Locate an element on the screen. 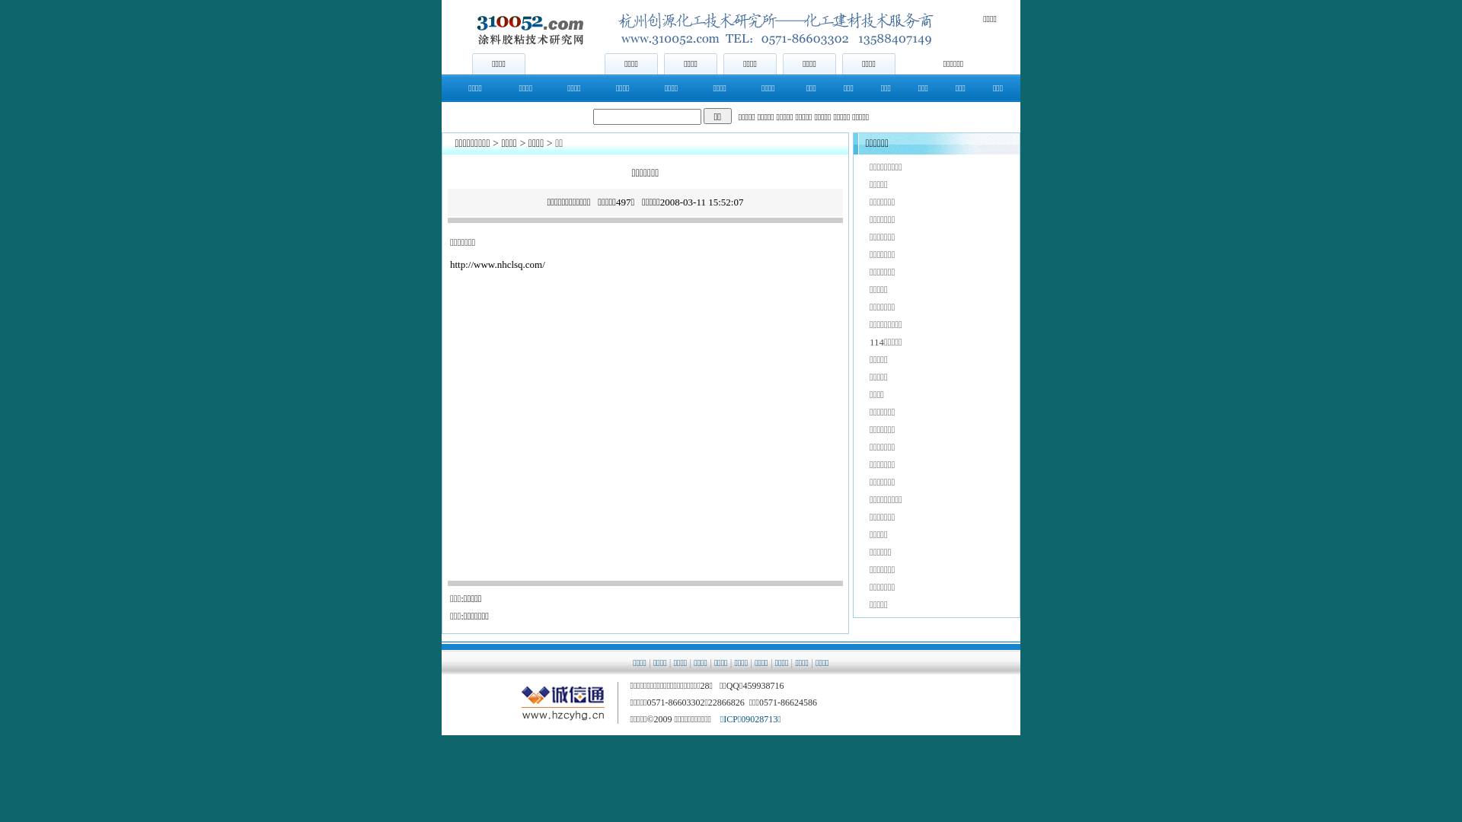 This screenshot has width=1462, height=822. 'http://www.nhclsq.com/' is located at coordinates (497, 263).